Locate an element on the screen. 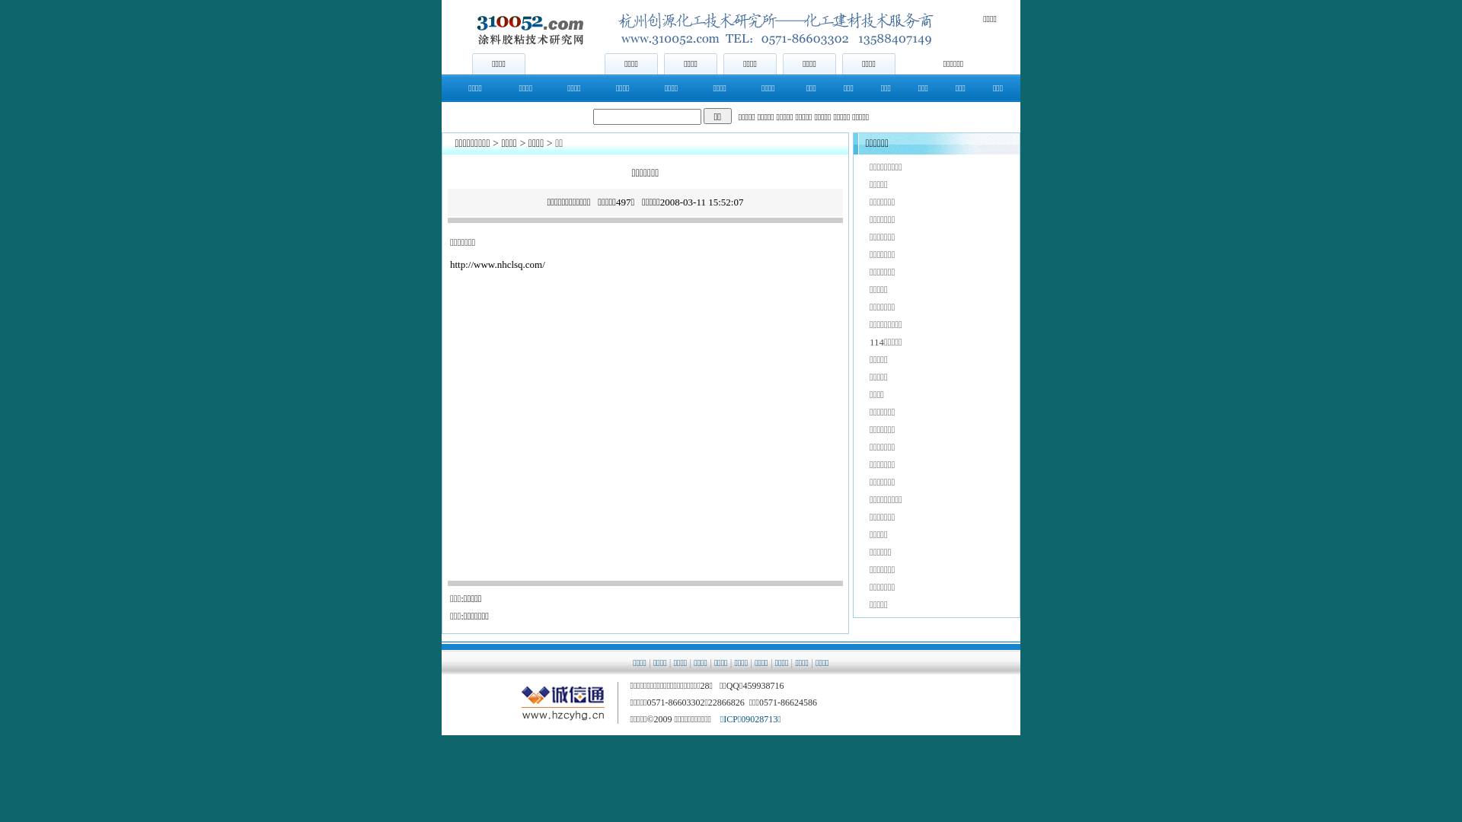 This screenshot has width=1462, height=822. 'http://www.nhclsq.com/' is located at coordinates (497, 263).